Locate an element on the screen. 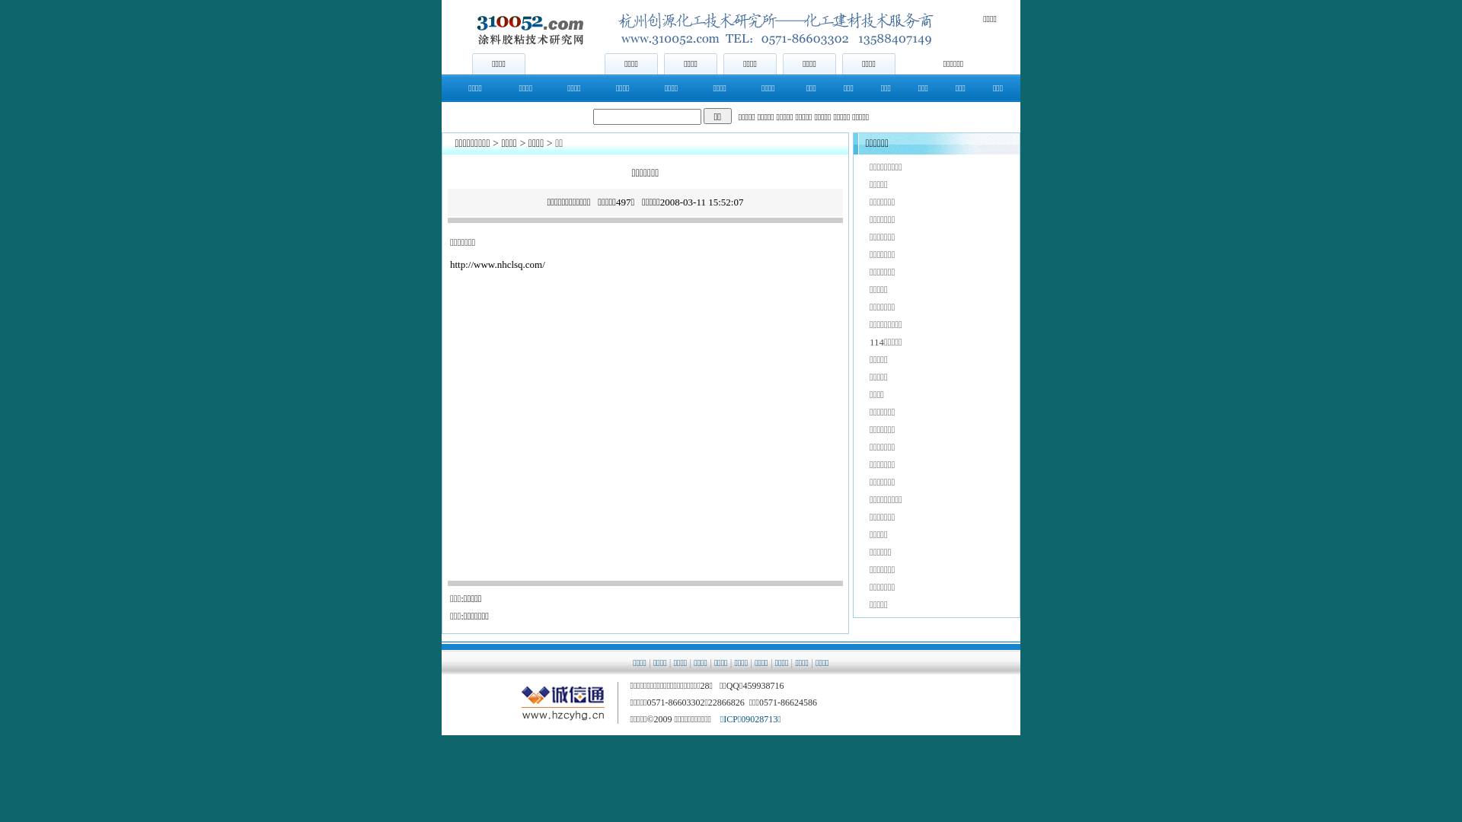 This screenshot has width=1462, height=822. 'http://www.nhclsq.com/' is located at coordinates (497, 263).